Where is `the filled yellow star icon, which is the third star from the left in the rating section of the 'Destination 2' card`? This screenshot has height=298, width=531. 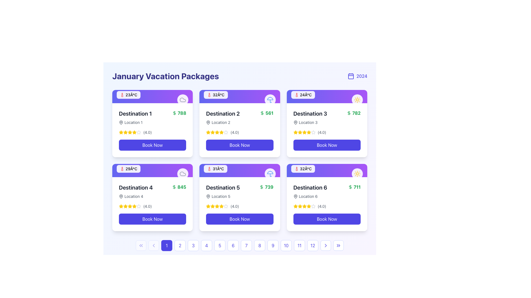
the filled yellow star icon, which is the third star from the left in the rating section of the 'Destination 2' card is located at coordinates (217, 132).